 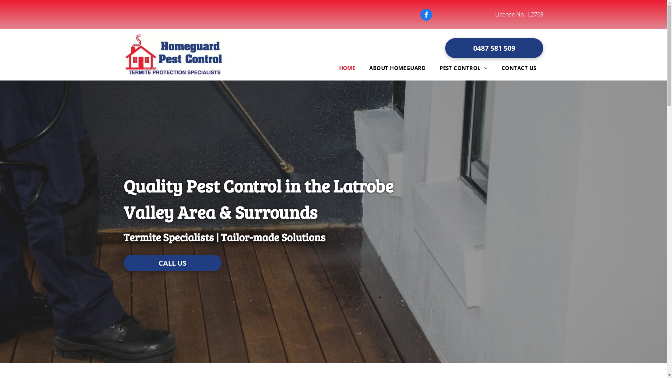 What do you see at coordinates (123, 263) in the screenshot?
I see `'CALL US'` at bounding box center [123, 263].